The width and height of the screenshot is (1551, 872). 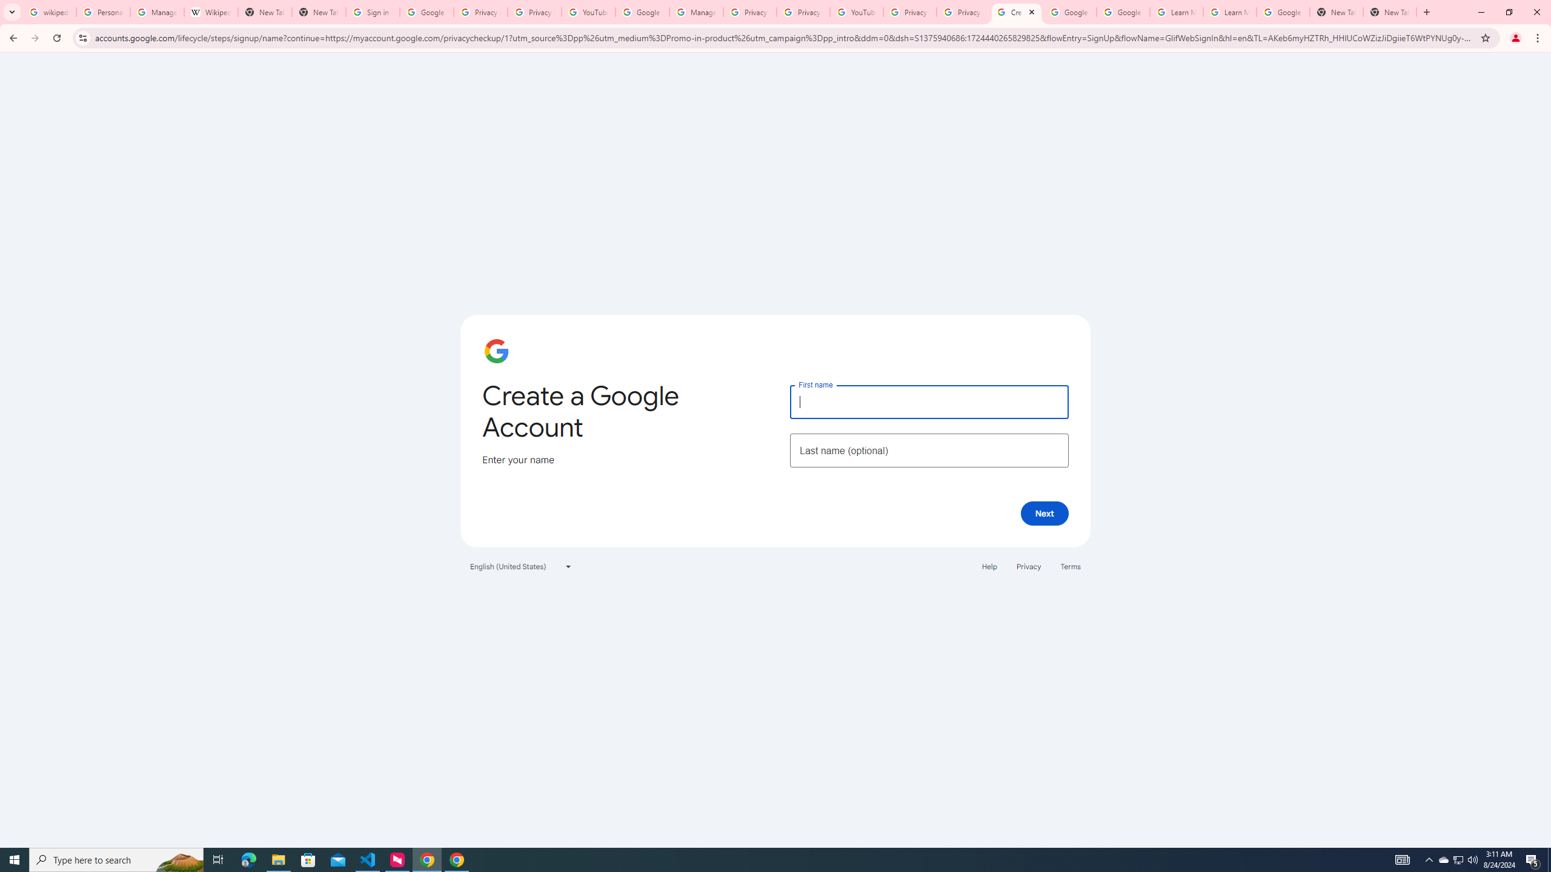 What do you see at coordinates (156, 12) in the screenshot?
I see `'Manage your Location History - Google Search Help'` at bounding box center [156, 12].